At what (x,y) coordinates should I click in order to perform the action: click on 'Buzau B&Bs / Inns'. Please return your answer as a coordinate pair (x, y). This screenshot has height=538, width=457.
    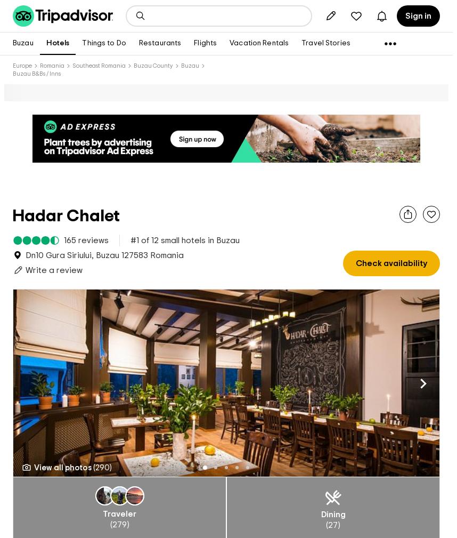
    Looking at the image, I should click on (36, 73).